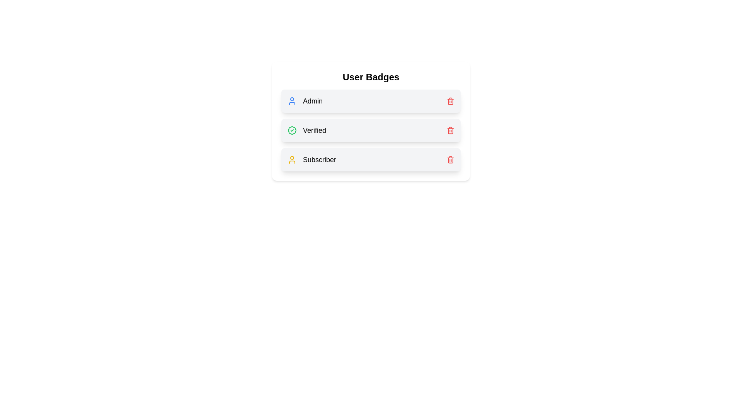 The image size is (742, 417). Describe the element at coordinates (371, 130) in the screenshot. I see `the badge row corresponding to Verified` at that location.